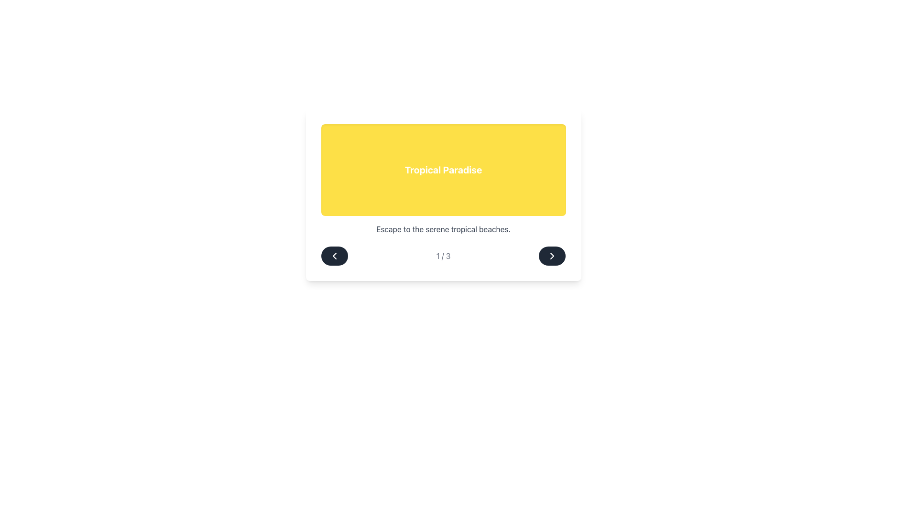  What do you see at coordinates (552, 256) in the screenshot?
I see `the arrow icon within the circular button located at the bottom-right corner of the card component` at bounding box center [552, 256].